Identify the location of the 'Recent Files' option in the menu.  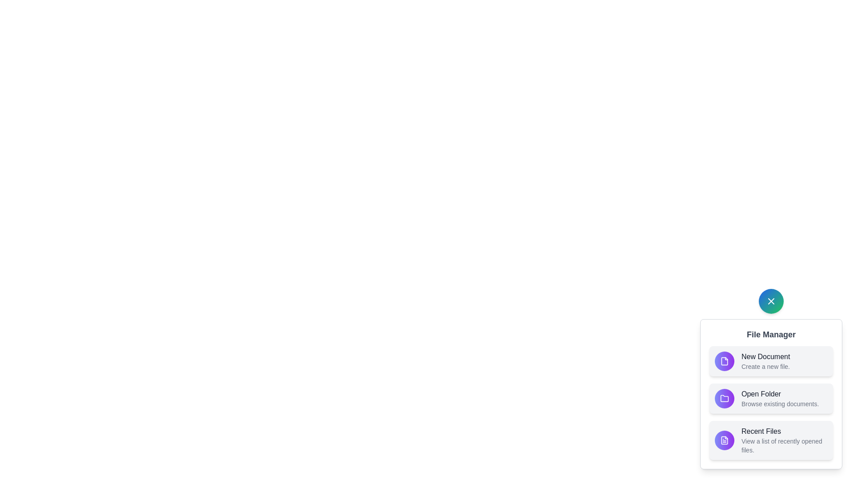
(771, 440).